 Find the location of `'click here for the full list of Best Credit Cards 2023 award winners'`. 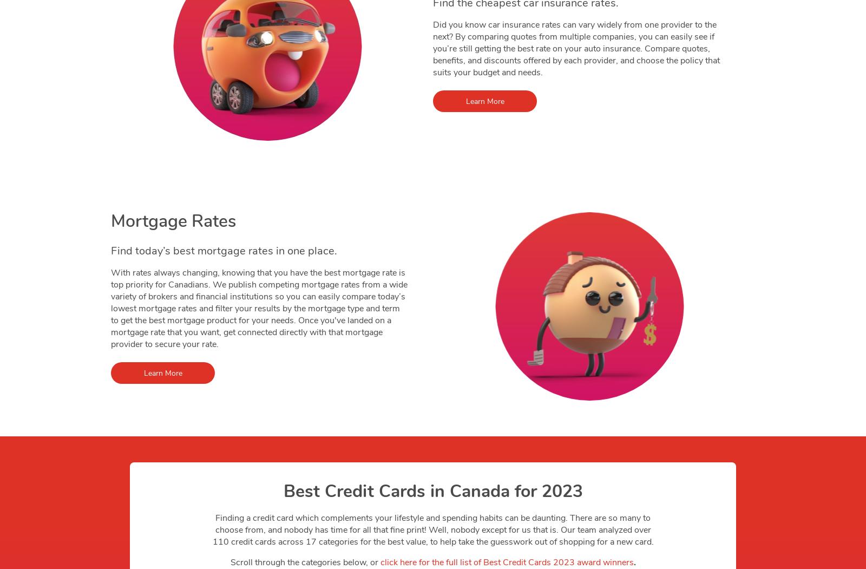

'click here for the full list of Best Credit Cards 2023 award winners' is located at coordinates (506, 562).